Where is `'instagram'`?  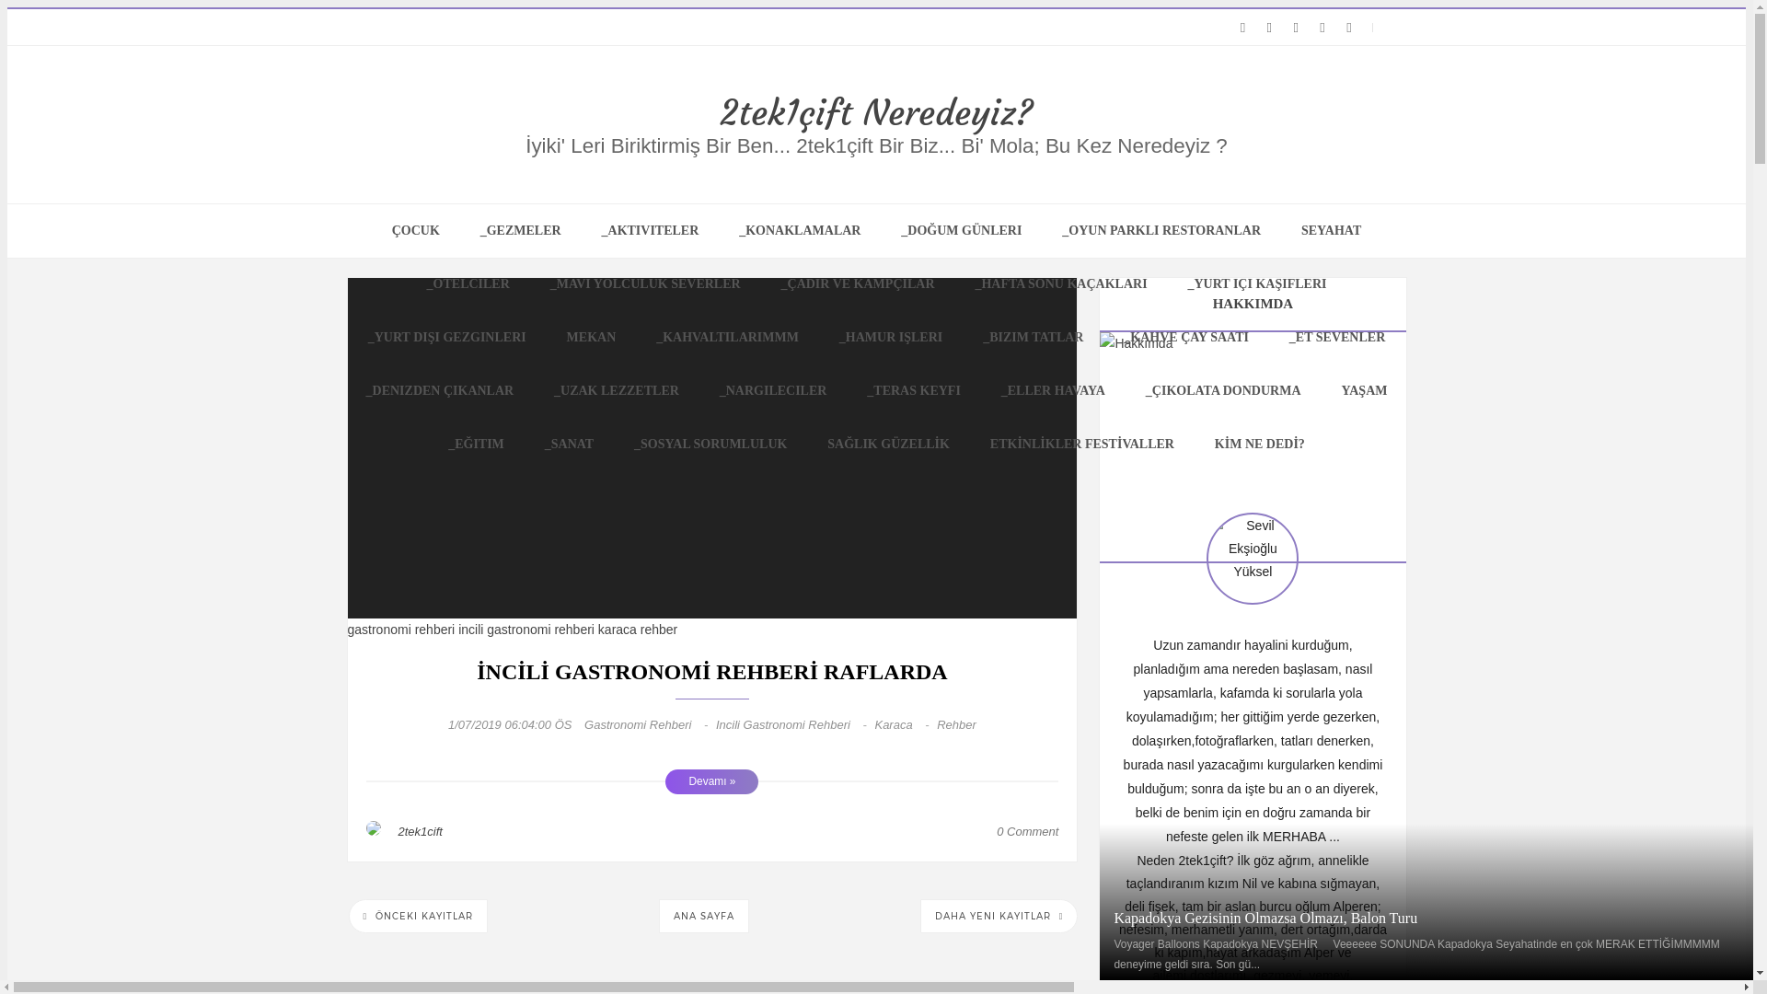 'instagram' is located at coordinates (1268, 28).